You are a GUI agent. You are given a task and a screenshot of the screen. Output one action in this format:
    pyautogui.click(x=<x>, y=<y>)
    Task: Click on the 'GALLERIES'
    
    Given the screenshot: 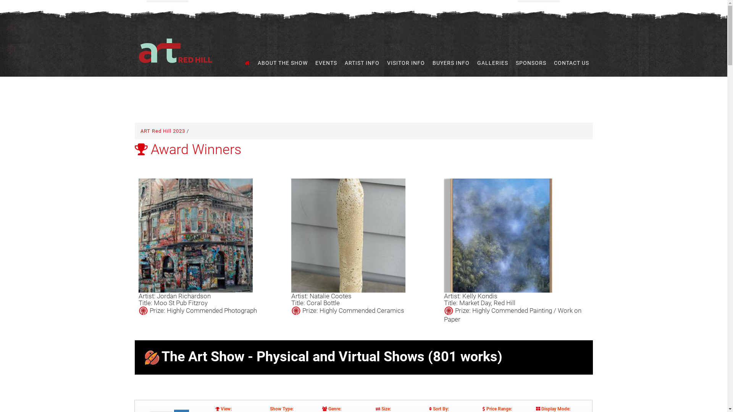 What is the action you would take?
    pyautogui.click(x=492, y=63)
    